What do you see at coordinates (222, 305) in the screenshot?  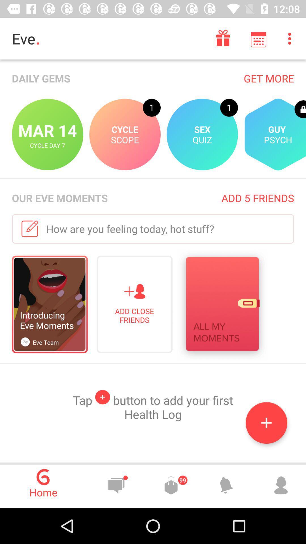 I see `item to the right of the add close` at bounding box center [222, 305].